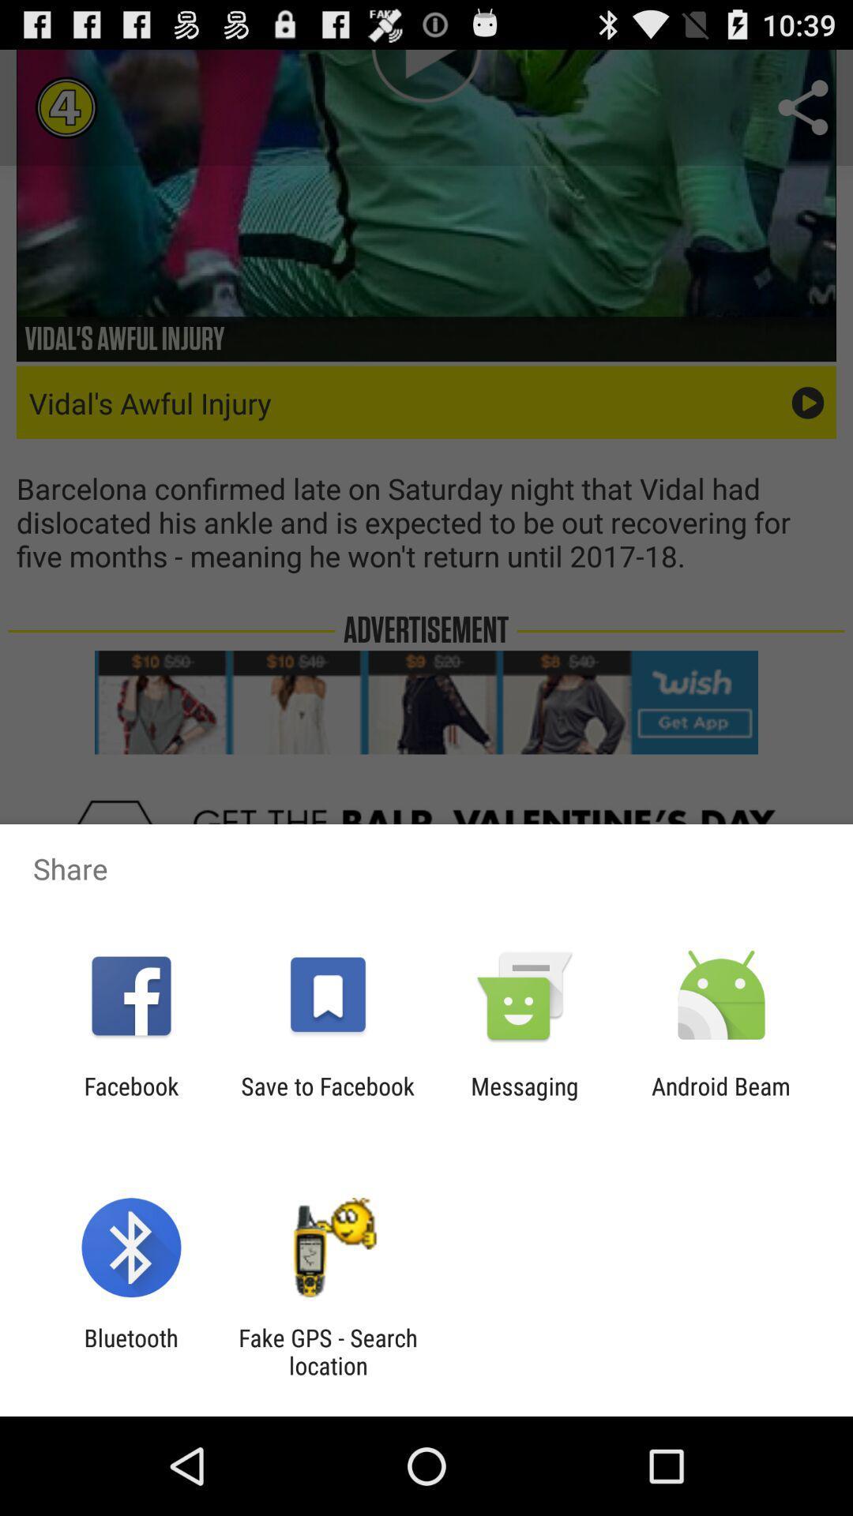 The width and height of the screenshot is (853, 1516). What do you see at coordinates (130, 1351) in the screenshot?
I see `item next to fake gps search item` at bounding box center [130, 1351].